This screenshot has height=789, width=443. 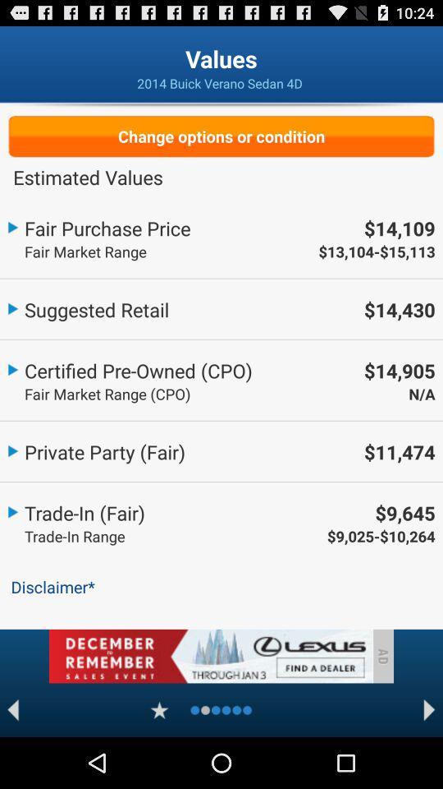 I want to click on the play icon, so click(x=429, y=759).